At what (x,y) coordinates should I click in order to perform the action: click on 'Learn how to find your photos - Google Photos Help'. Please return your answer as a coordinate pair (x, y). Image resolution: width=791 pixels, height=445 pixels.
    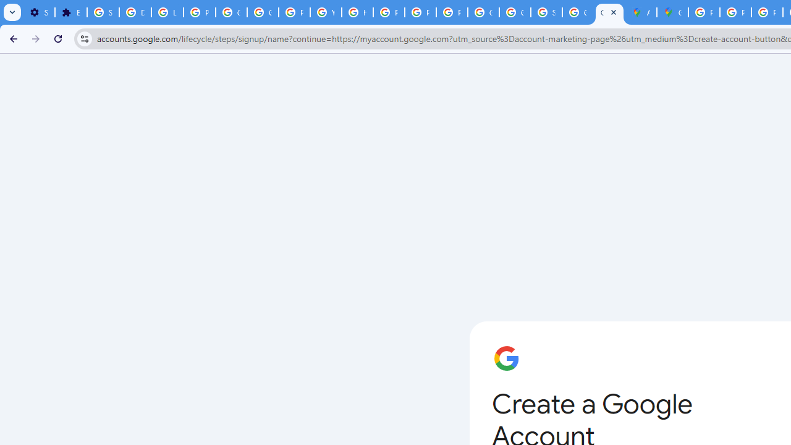
    Looking at the image, I should click on (166, 12).